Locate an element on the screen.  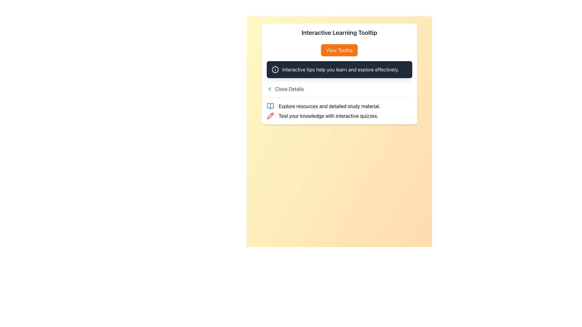
the vibrant orange button labeled 'View Tooltip' is located at coordinates (339, 50).